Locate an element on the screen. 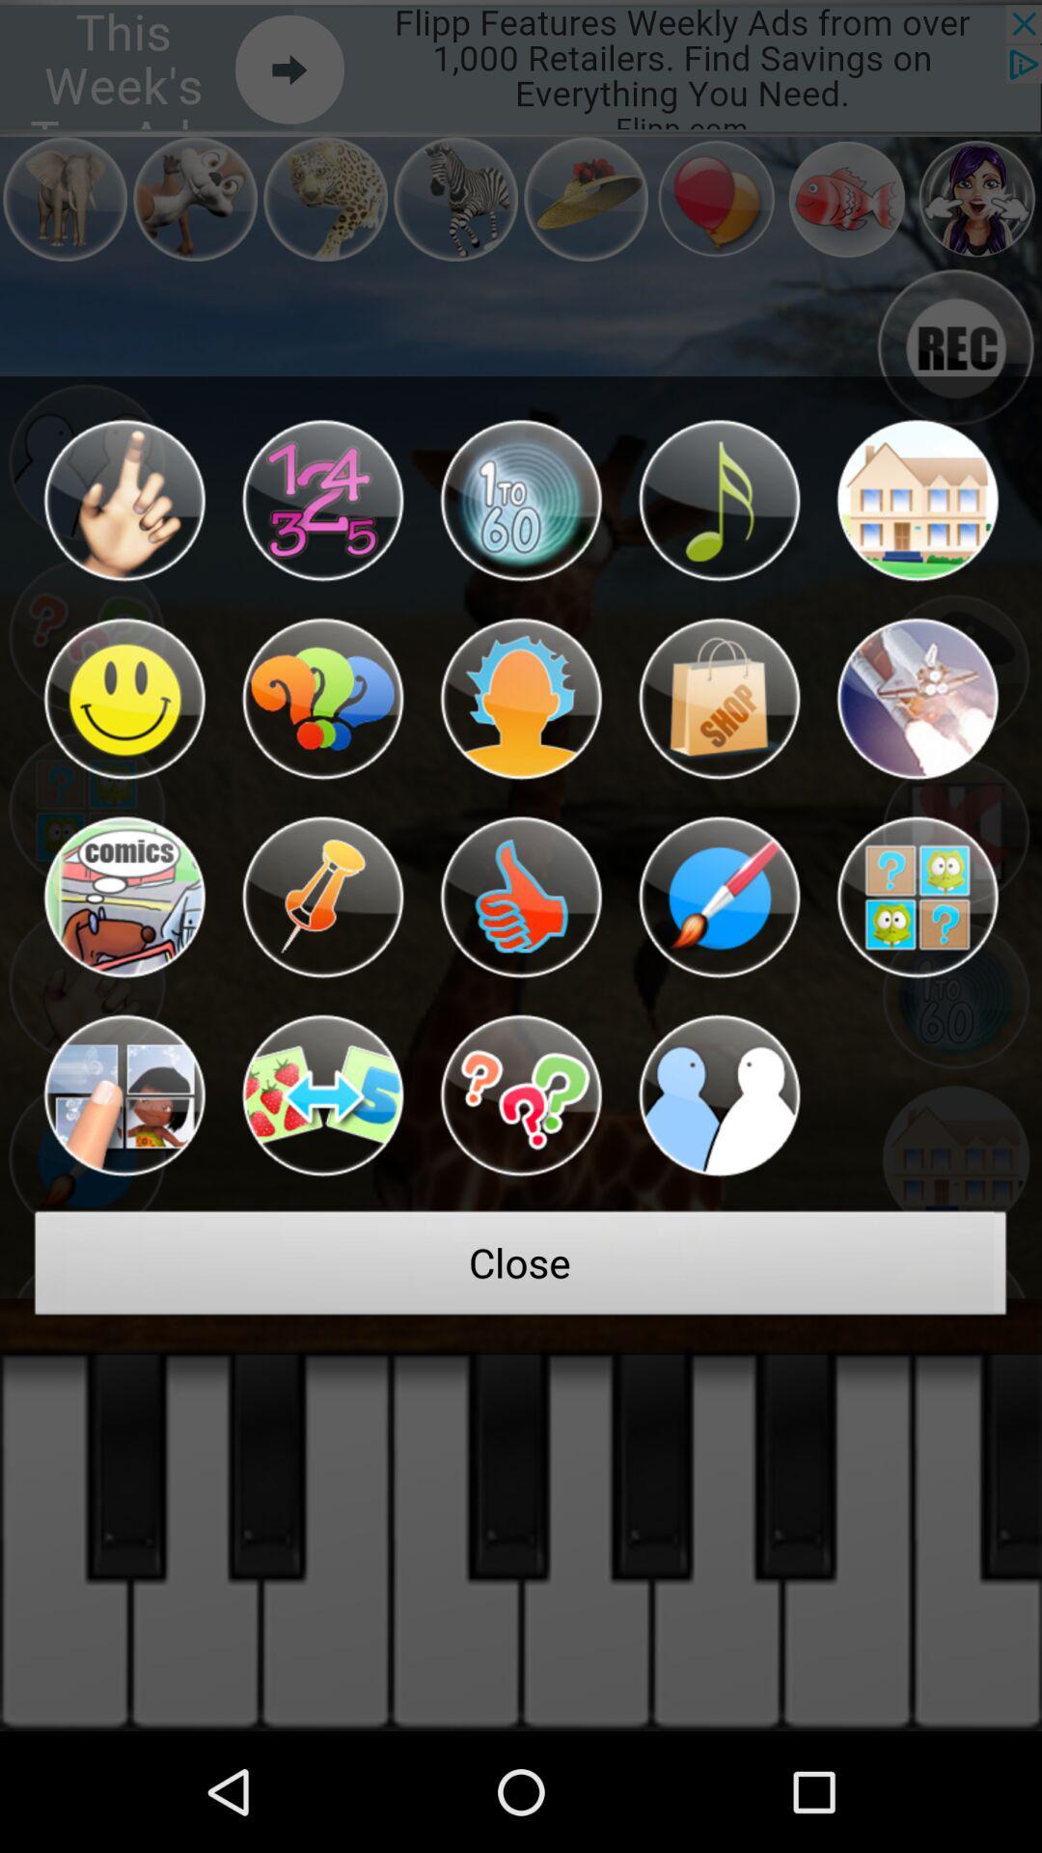  the help icon is located at coordinates (321, 747).